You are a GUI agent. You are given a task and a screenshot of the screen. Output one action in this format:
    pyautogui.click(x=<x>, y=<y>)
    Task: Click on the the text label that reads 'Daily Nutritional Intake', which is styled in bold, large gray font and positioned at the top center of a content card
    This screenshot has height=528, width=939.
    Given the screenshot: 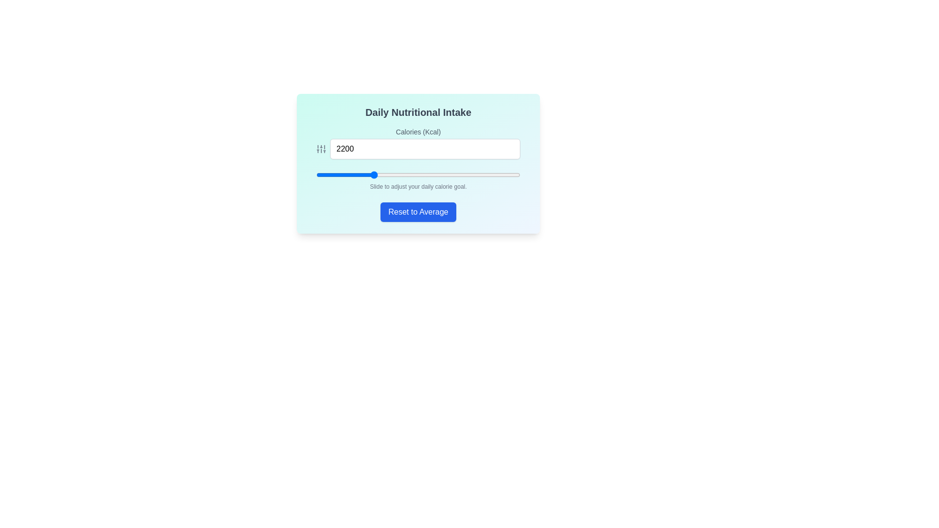 What is the action you would take?
    pyautogui.click(x=418, y=112)
    